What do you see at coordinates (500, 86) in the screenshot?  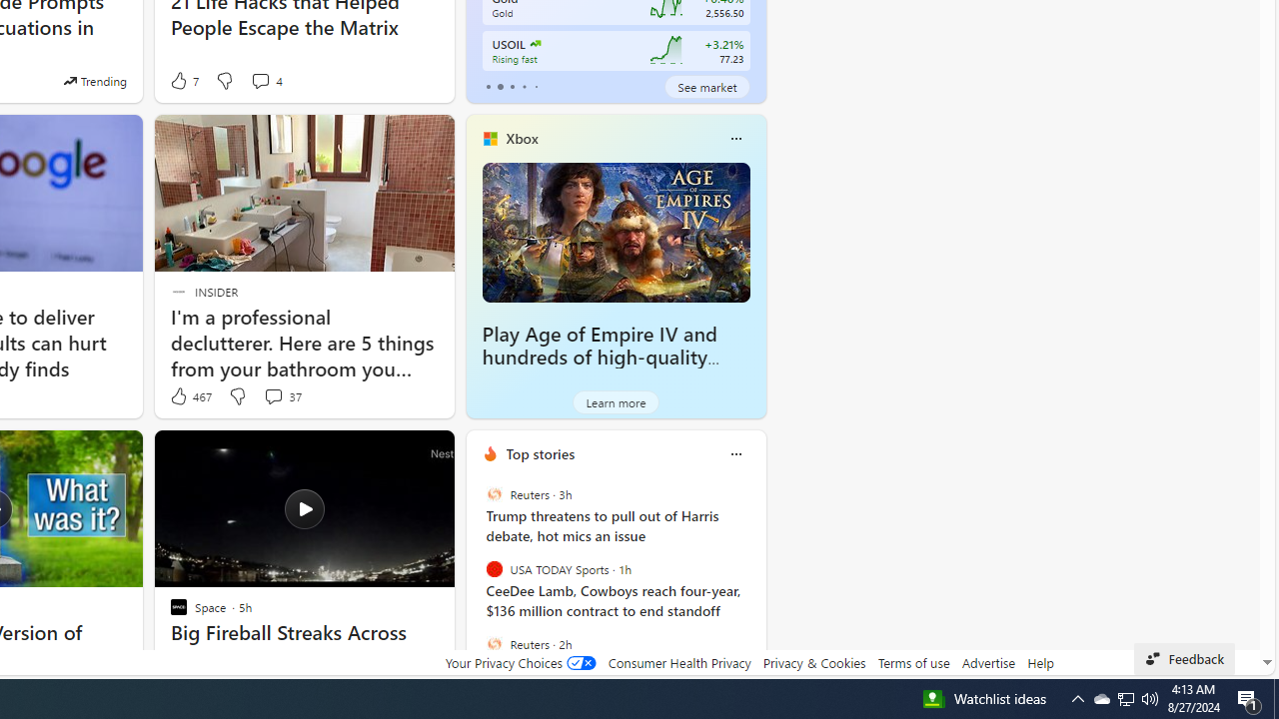 I see `'tab-1'` at bounding box center [500, 86].